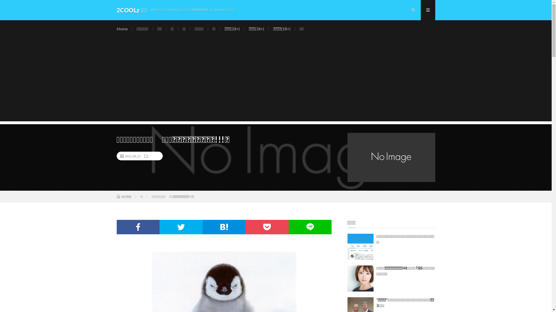 This screenshot has height=312, width=556. What do you see at coordinates (116, 196) in the screenshot?
I see `'HOME'` at bounding box center [116, 196].